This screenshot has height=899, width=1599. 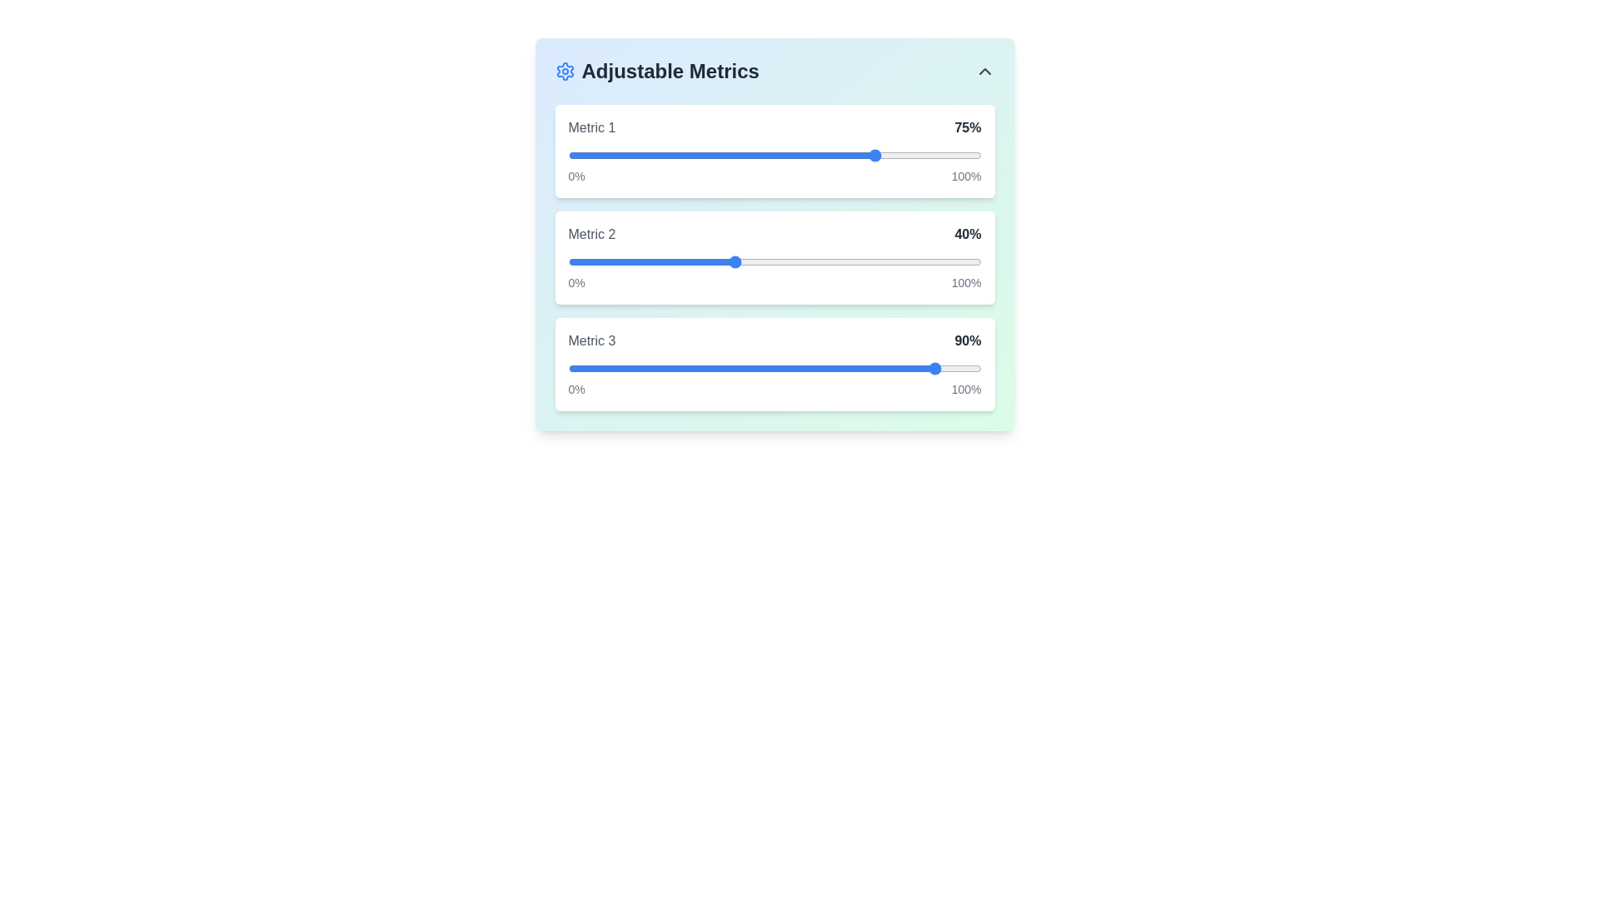 What do you see at coordinates (968, 234) in the screenshot?
I see `the static text display showing the percentage value for Metric 2, located at the right end of the horizontal layout in the second row of the metrics section` at bounding box center [968, 234].